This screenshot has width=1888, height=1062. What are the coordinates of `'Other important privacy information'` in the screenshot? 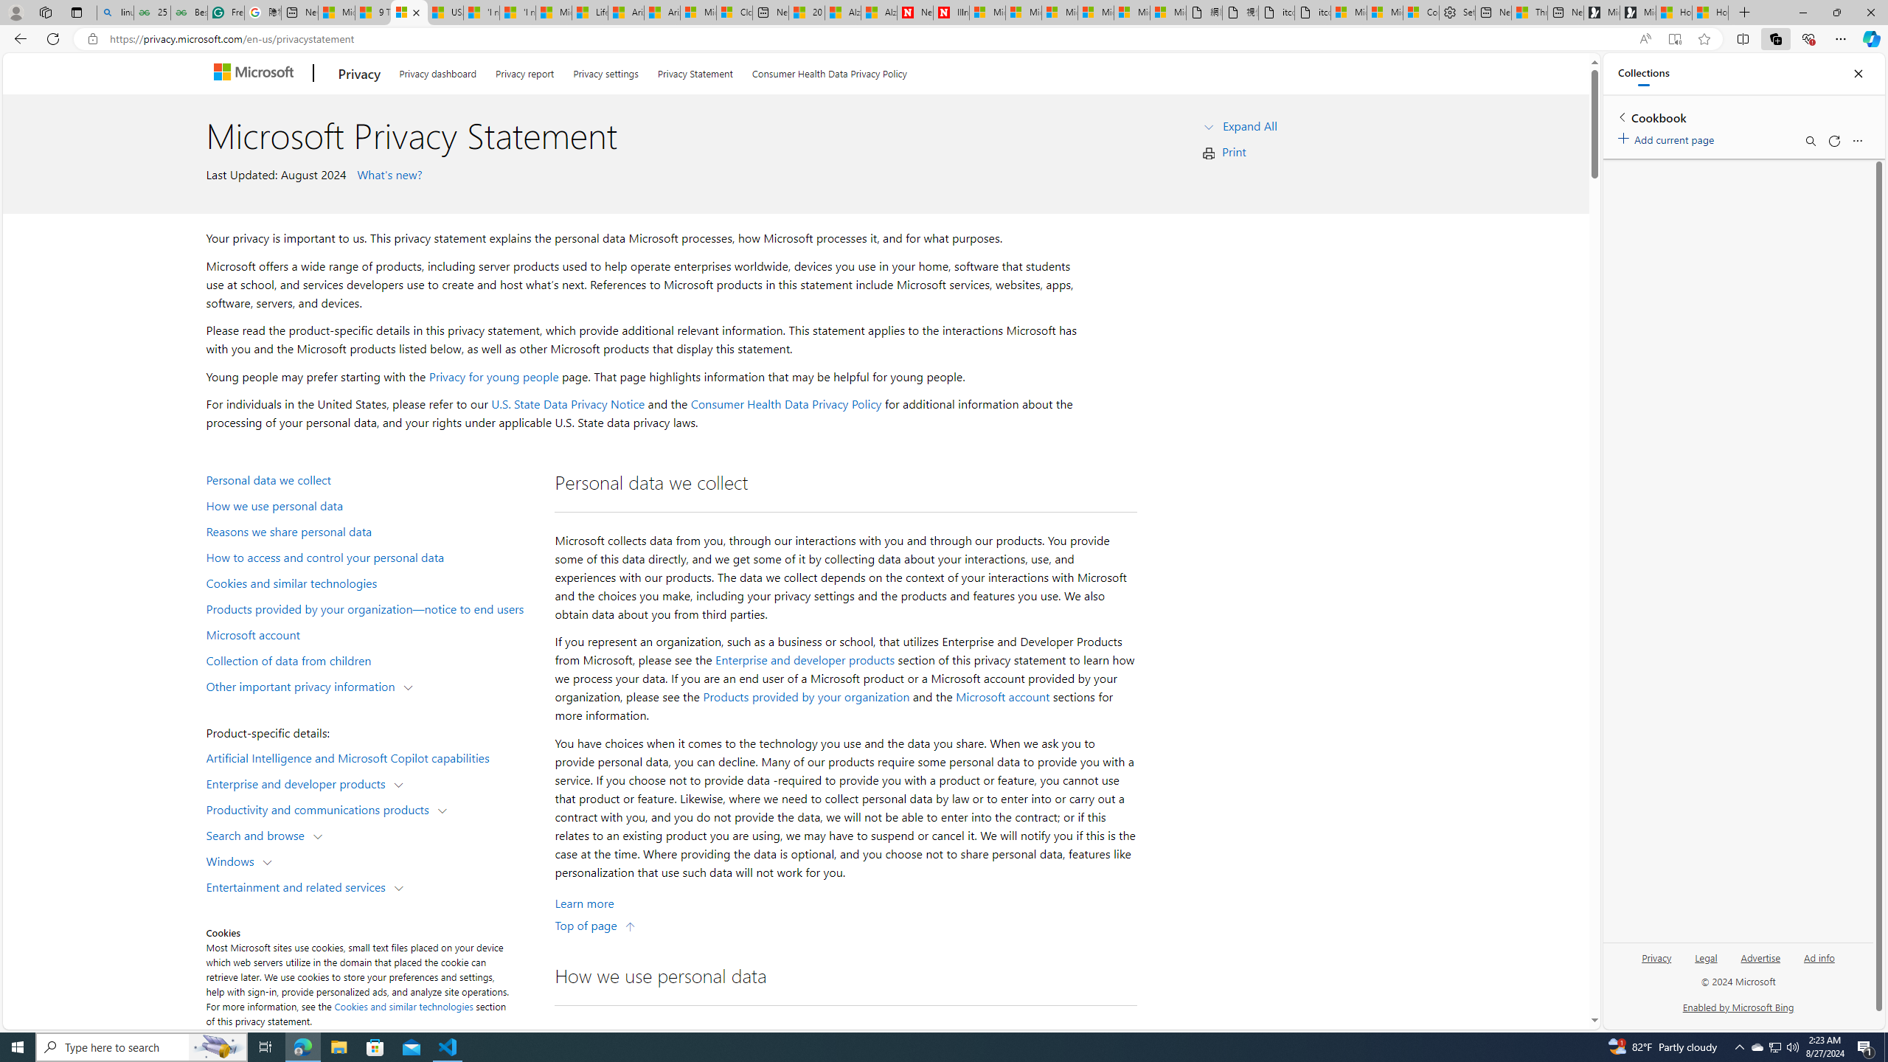 It's located at (303, 684).